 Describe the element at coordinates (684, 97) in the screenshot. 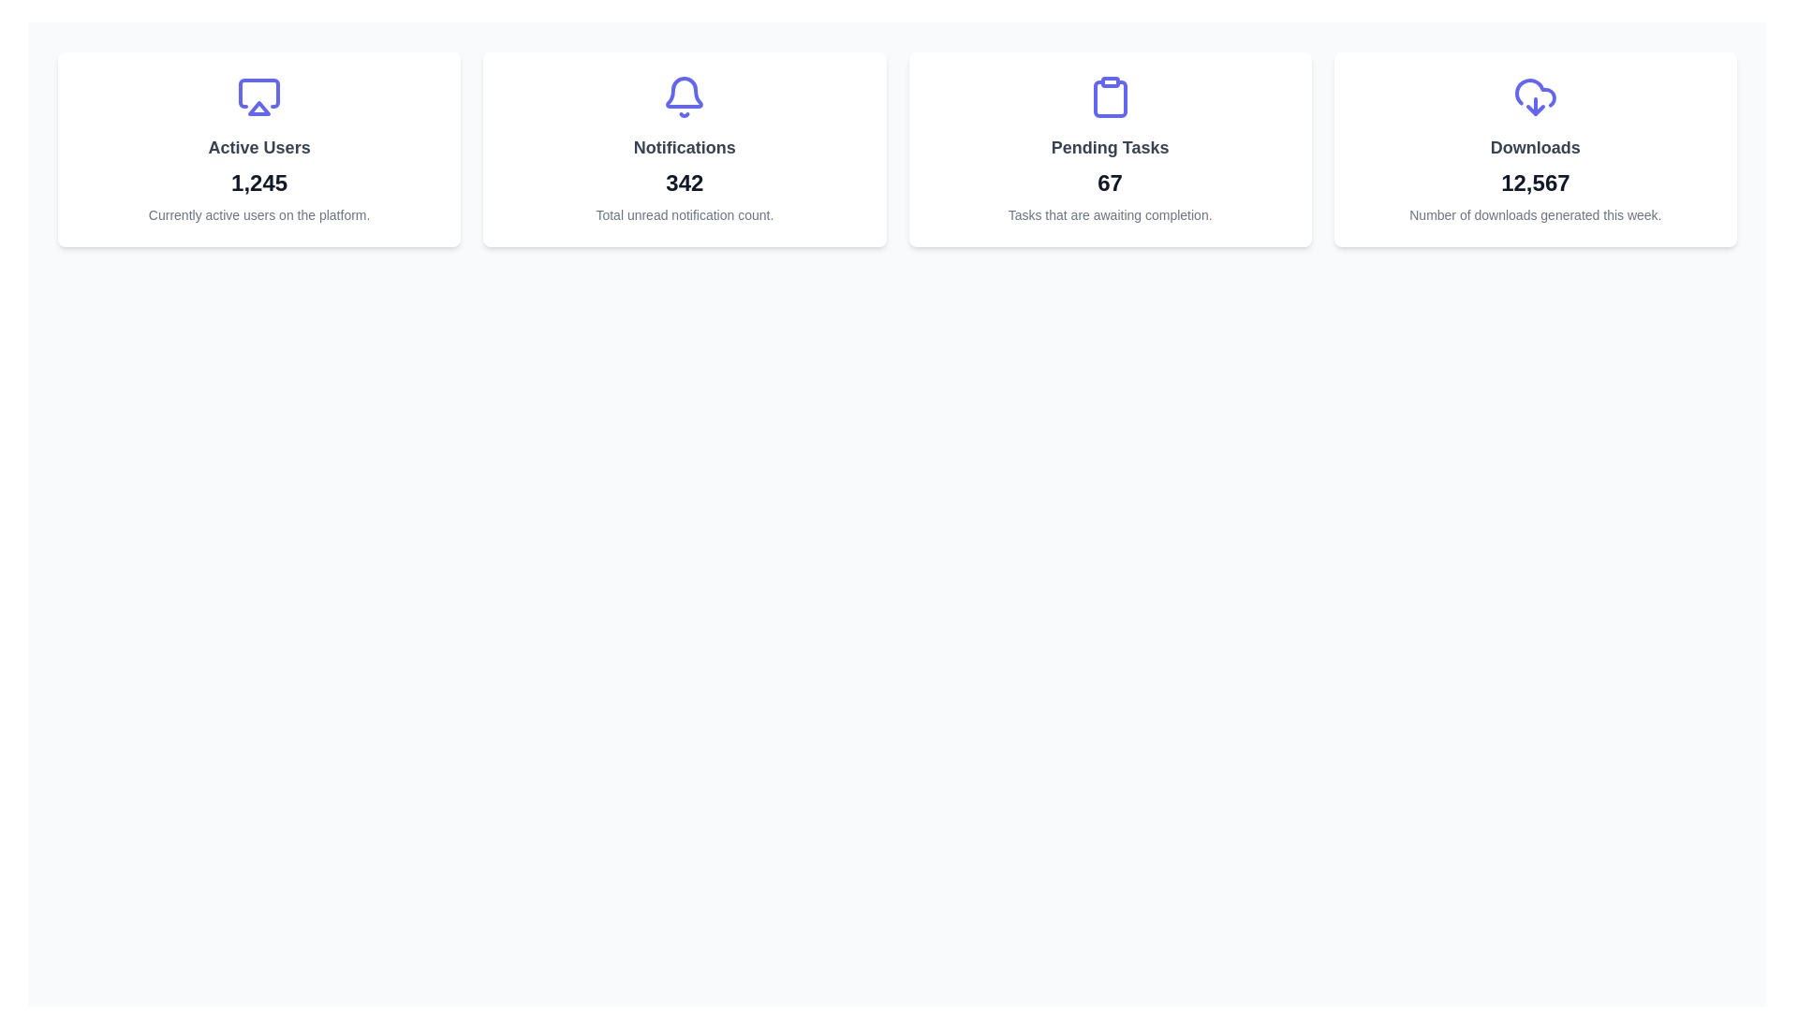

I see `the bell icon representing notifications, located at the center of the Notifications card above the text 'Notifications' and '342'` at that location.